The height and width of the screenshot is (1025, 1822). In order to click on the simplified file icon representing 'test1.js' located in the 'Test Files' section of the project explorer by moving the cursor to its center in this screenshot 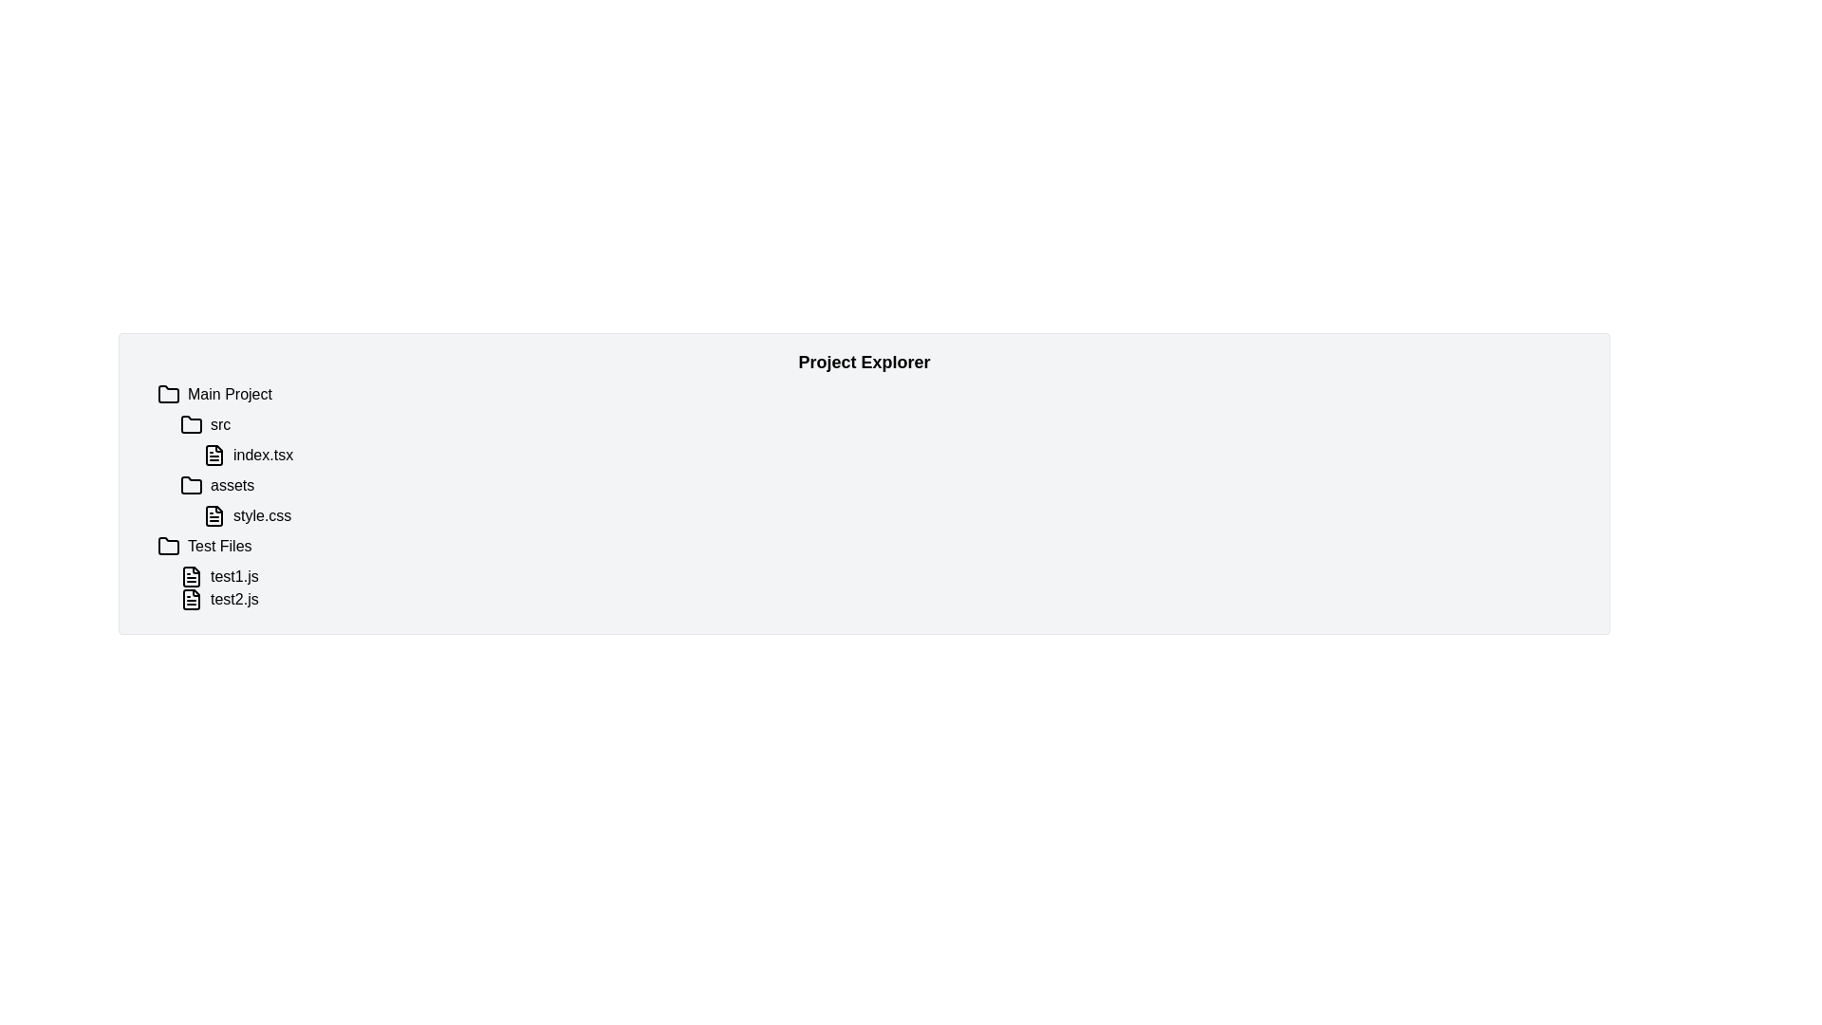, I will do `click(191, 576)`.